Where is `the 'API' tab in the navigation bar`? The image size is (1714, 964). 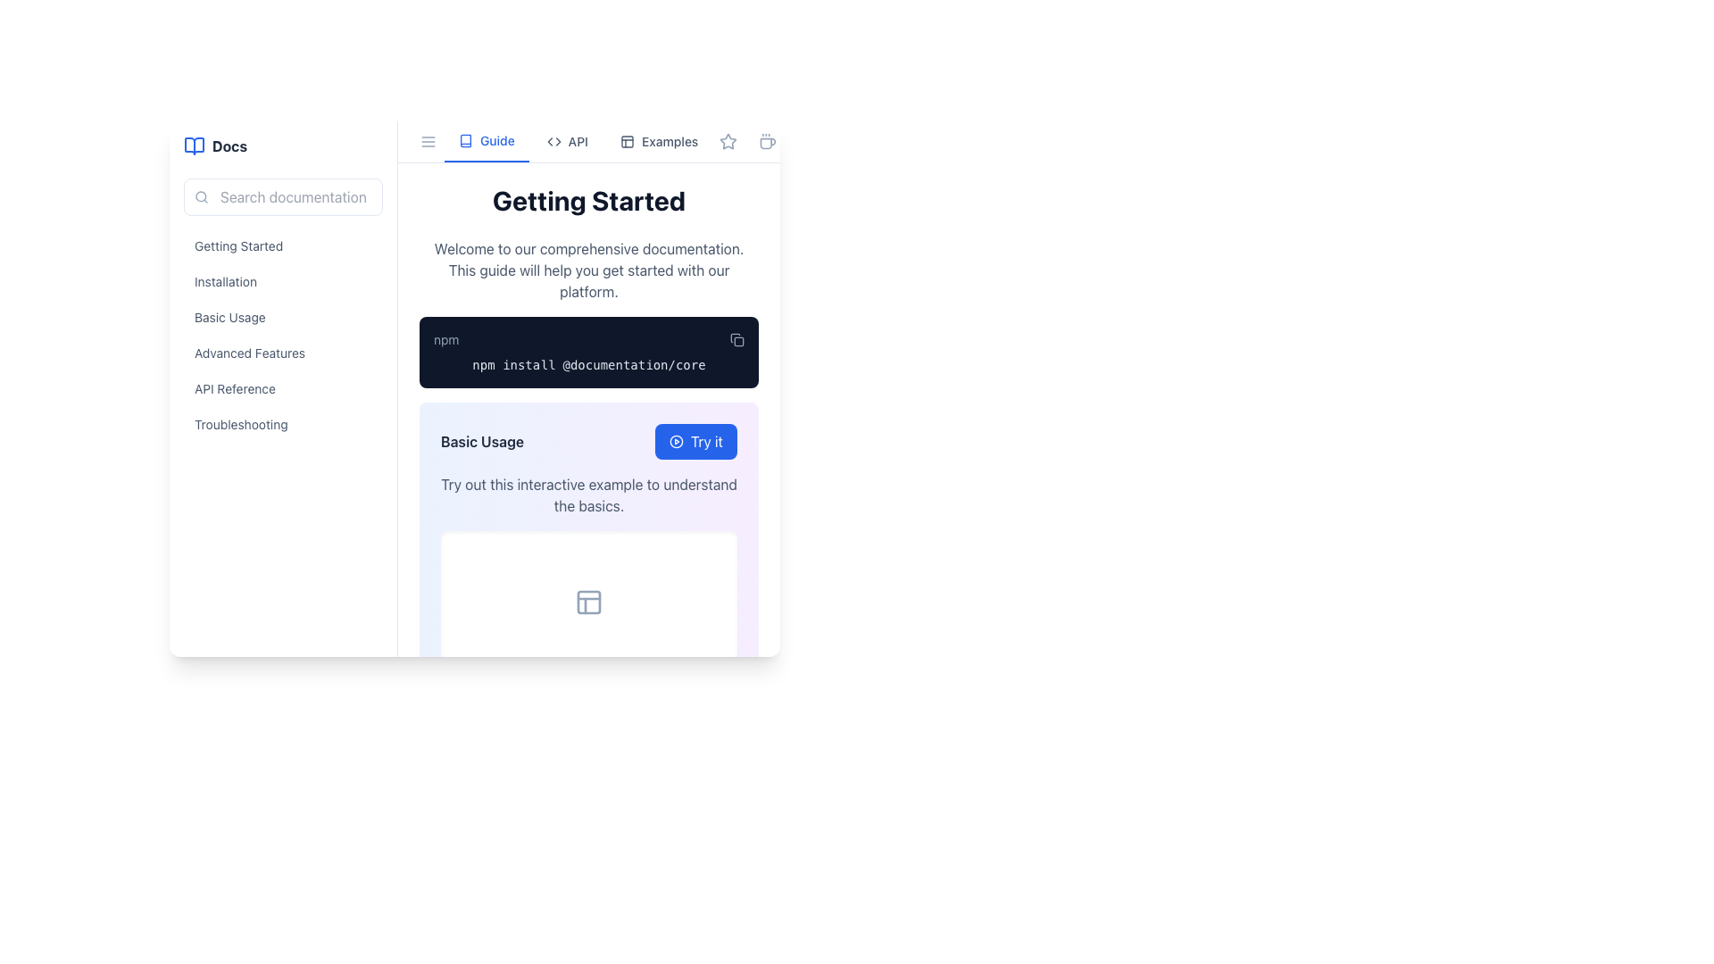
the 'API' tab in the navigation bar is located at coordinates (578, 140).